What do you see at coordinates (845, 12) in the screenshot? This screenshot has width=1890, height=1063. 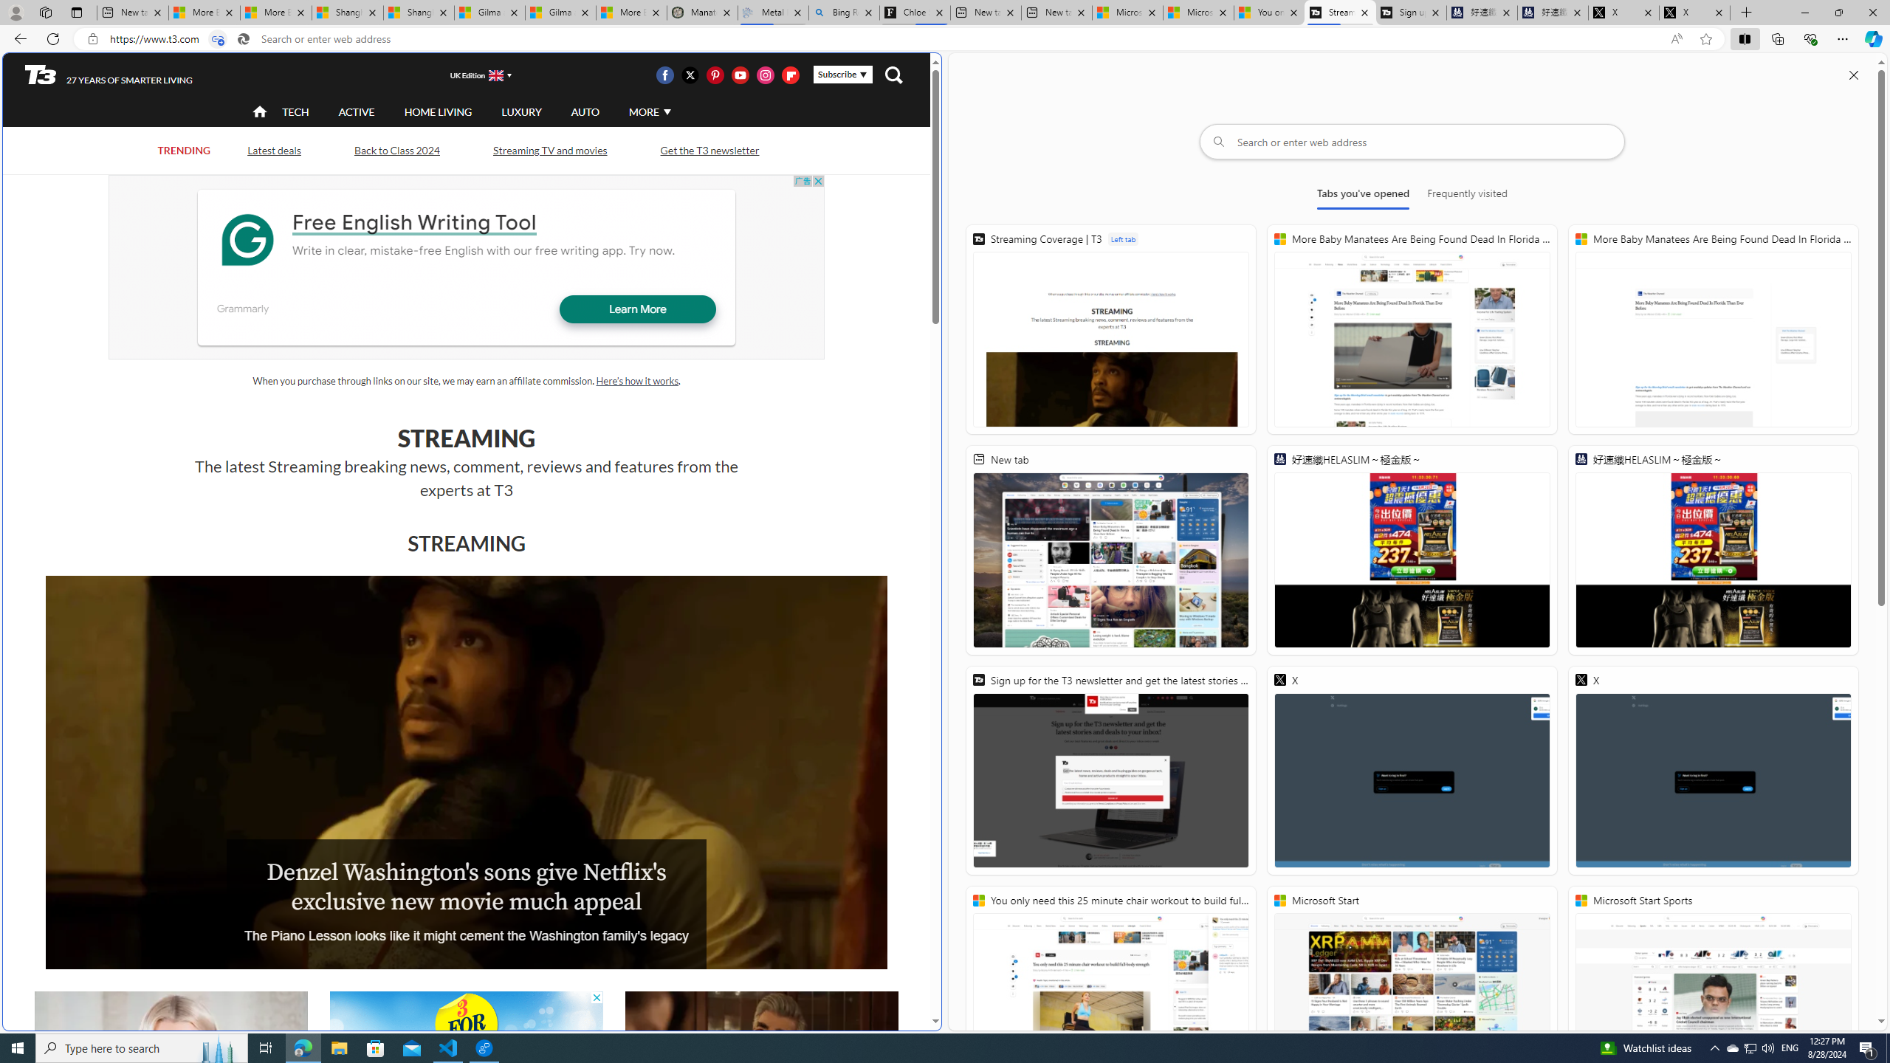 I see `'Bing Real Estate - Home sales and rental listings'` at bounding box center [845, 12].